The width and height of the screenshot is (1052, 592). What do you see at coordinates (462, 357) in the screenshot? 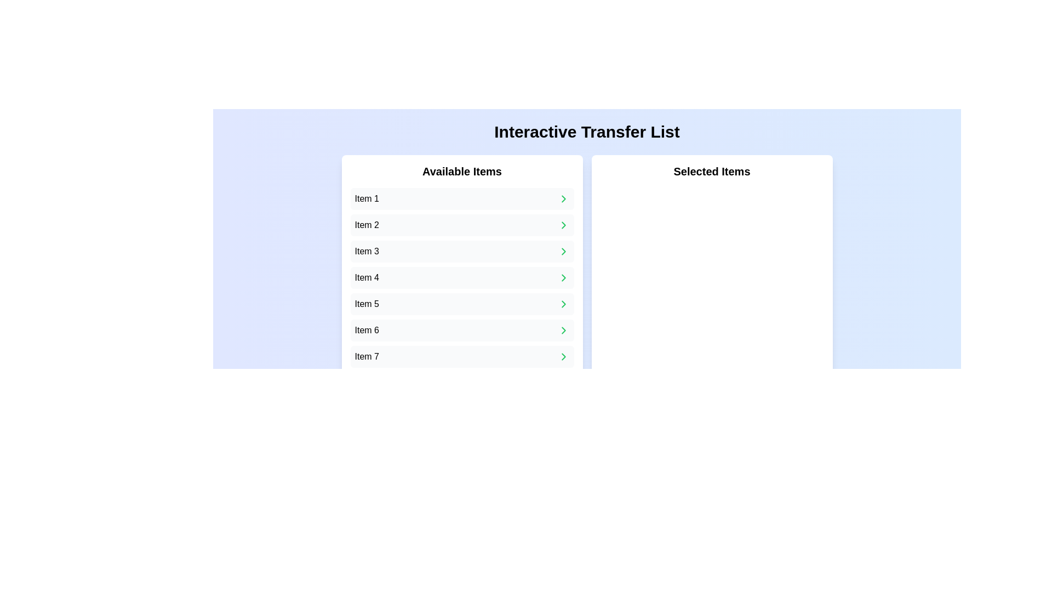
I see `the Interactive List Item titled 'Item 7' in the 'Available Items' list` at bounding box center [462, 357].